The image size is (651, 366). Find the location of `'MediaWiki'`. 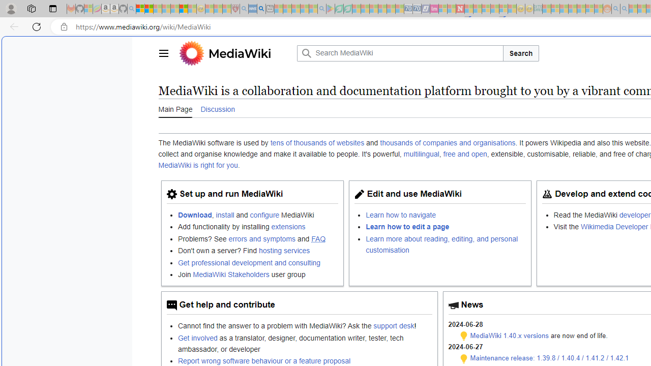

'MediaWiki' is located at coordinates (234, 53).